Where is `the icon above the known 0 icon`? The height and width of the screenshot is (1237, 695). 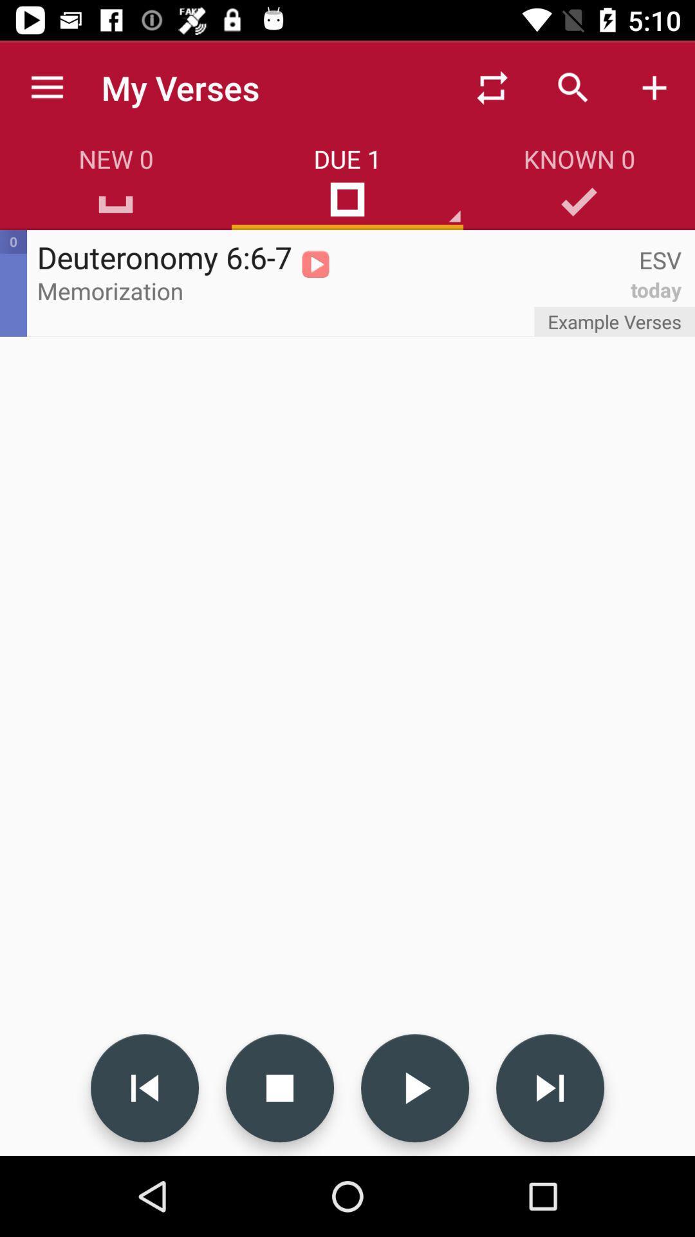 the icon above the known 0 icon is located at coordinates (573, 87).